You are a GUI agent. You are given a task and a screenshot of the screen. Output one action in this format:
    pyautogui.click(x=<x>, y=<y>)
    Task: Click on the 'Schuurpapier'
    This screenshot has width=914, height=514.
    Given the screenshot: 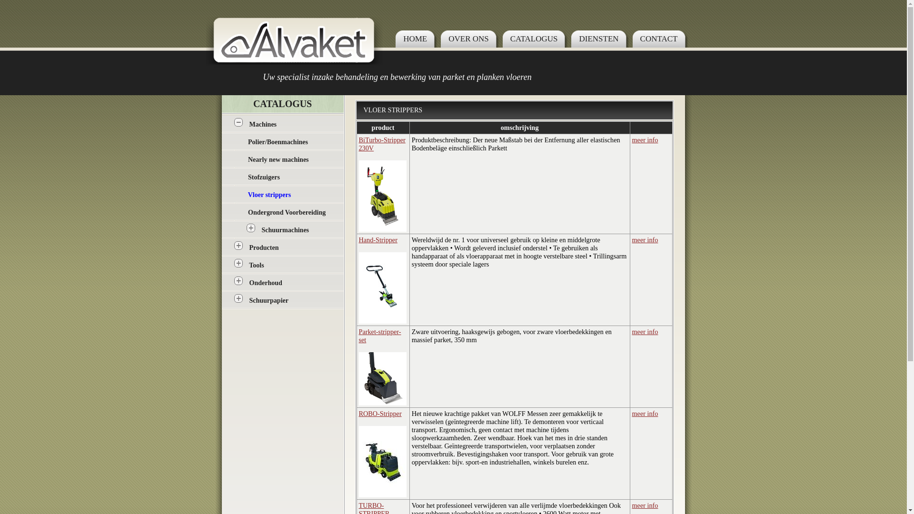 What is the action you would take?
    pyautogui.click(x=268, y=300)
    